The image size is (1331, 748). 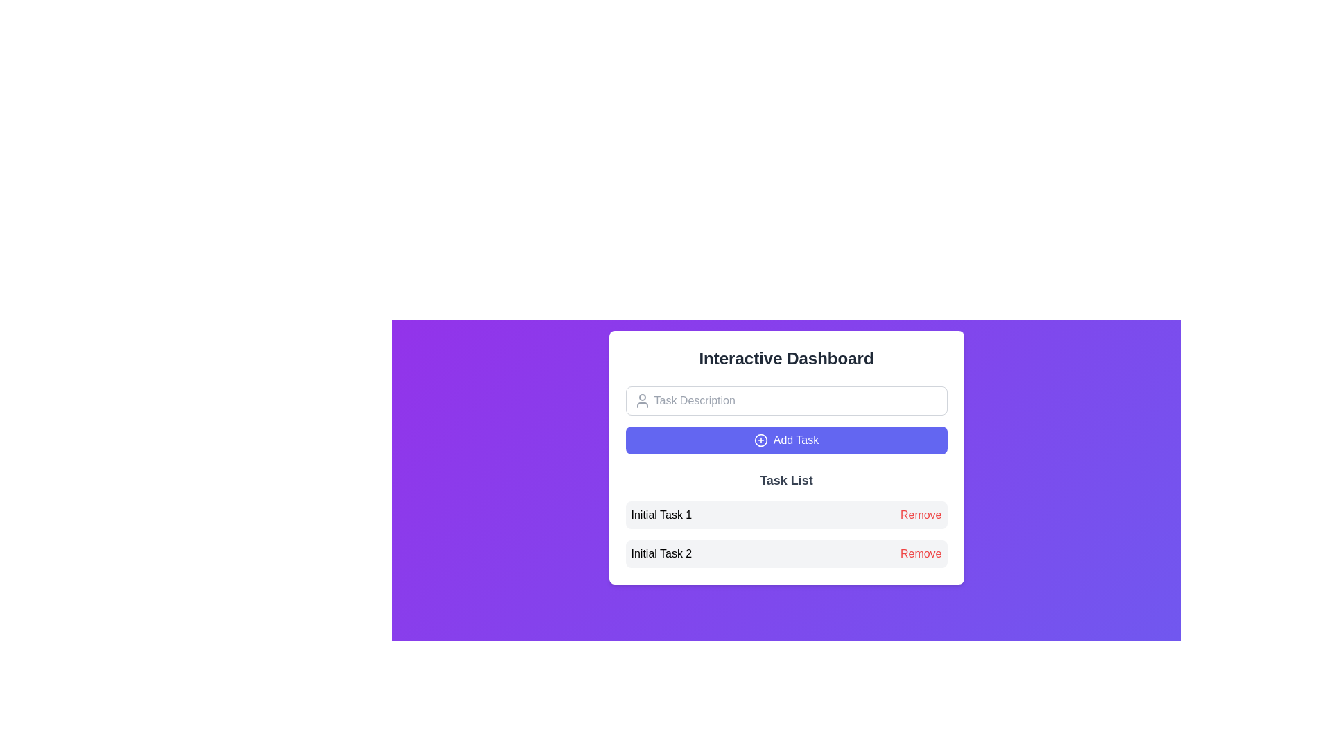 What do you see at coordinates (760, 440) in the screenshot?
I see `the icon with a circular outline and plus sign, located on the left side of the 'Add Task' button, to interact with the button` at bounding box center [760, 440].